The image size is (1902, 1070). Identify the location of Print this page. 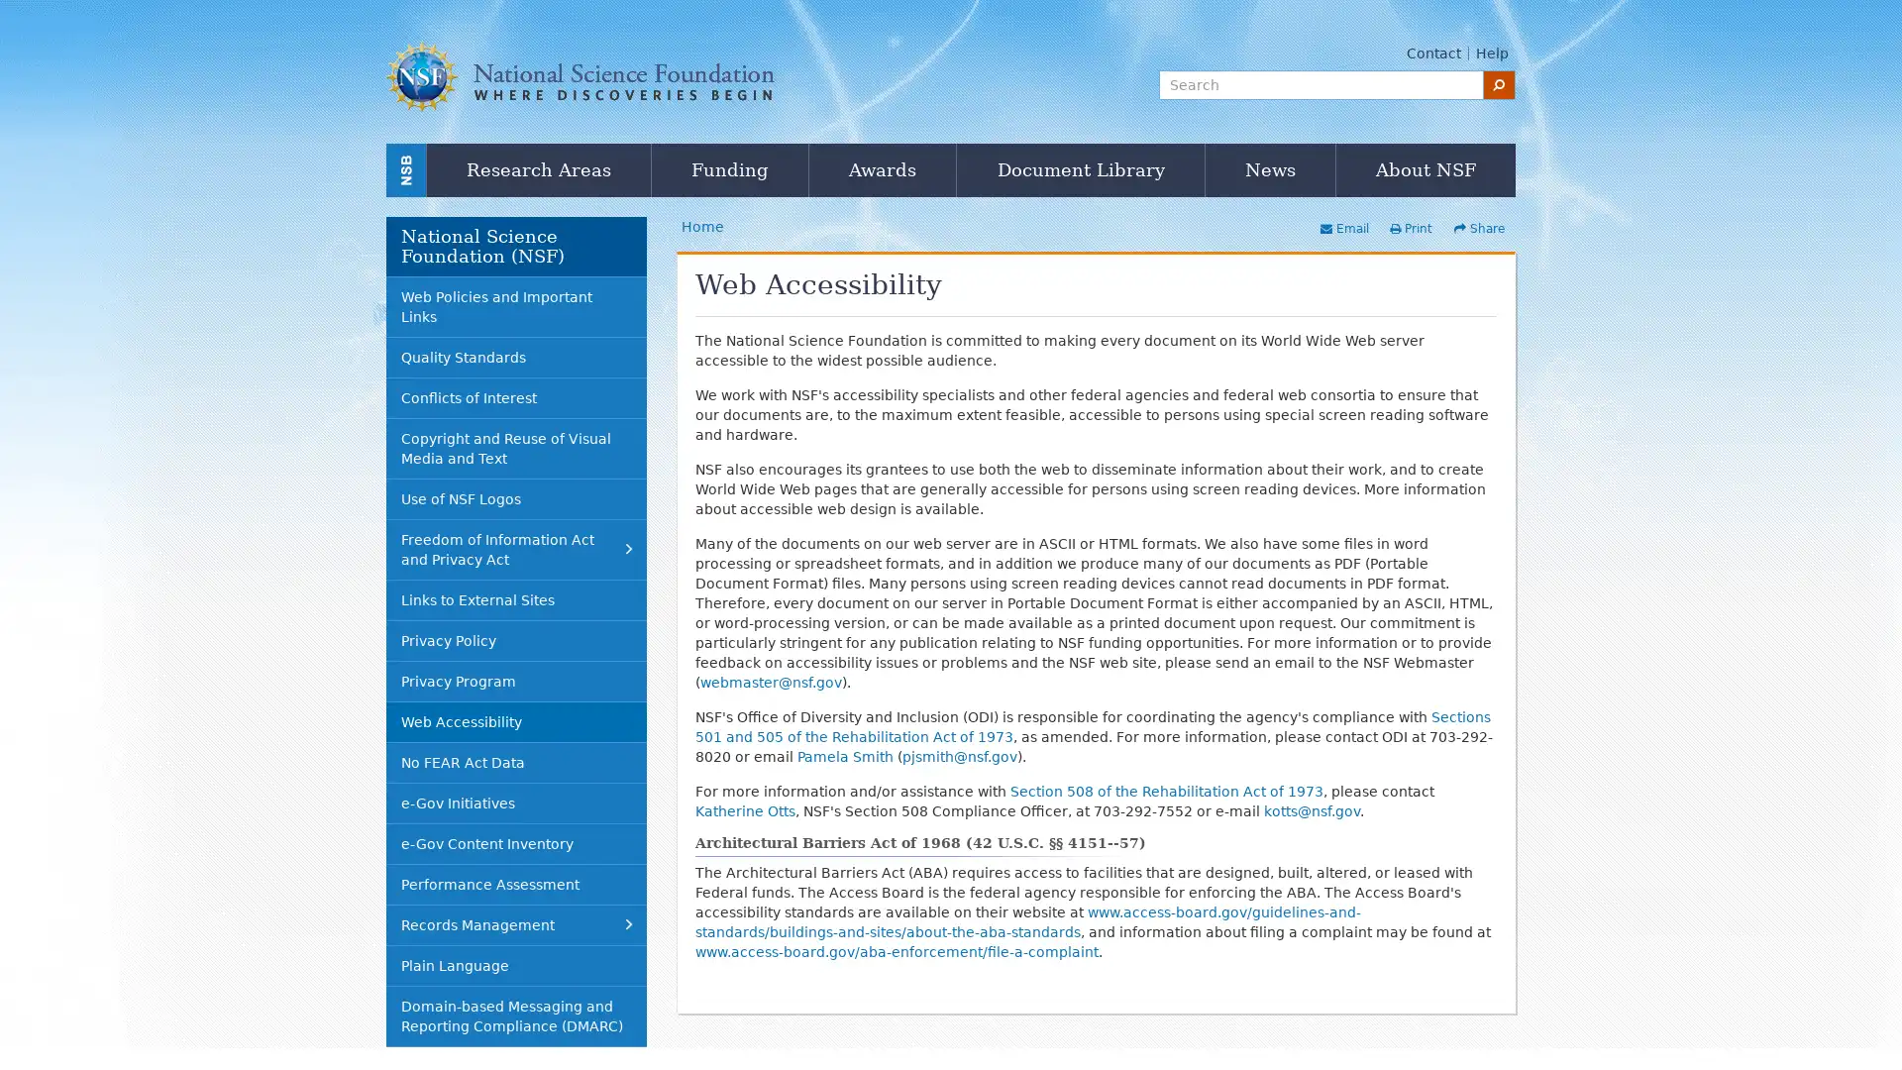
(1409, 228).